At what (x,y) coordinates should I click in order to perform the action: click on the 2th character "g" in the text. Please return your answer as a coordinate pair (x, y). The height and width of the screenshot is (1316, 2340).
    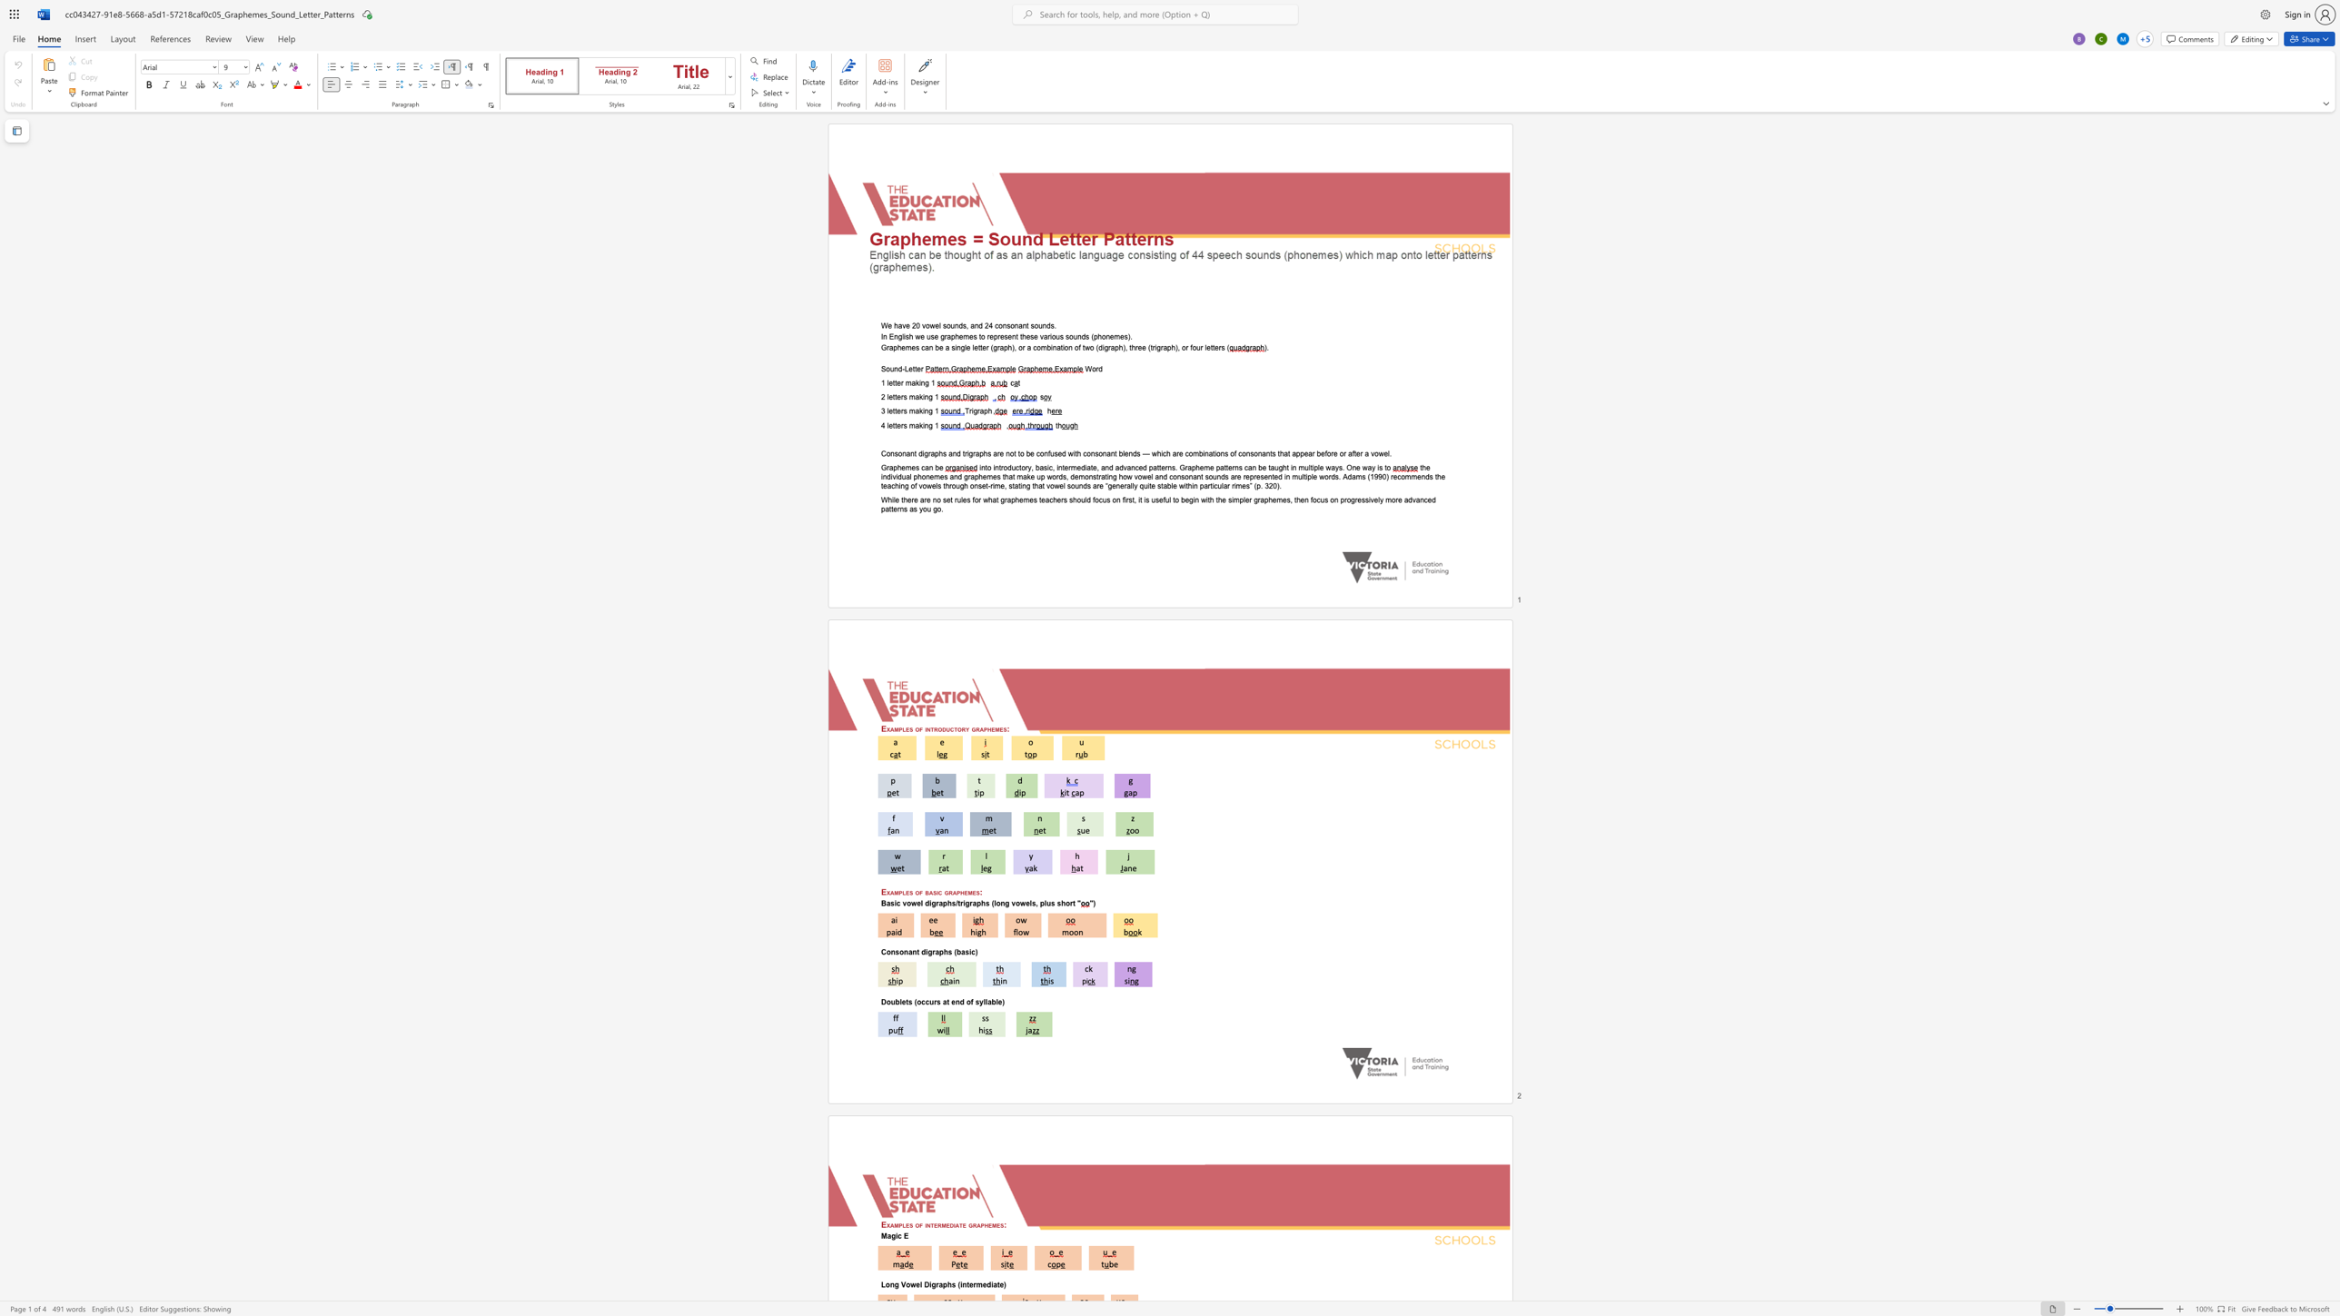
    Looking at the image, I should click on (941, 335).